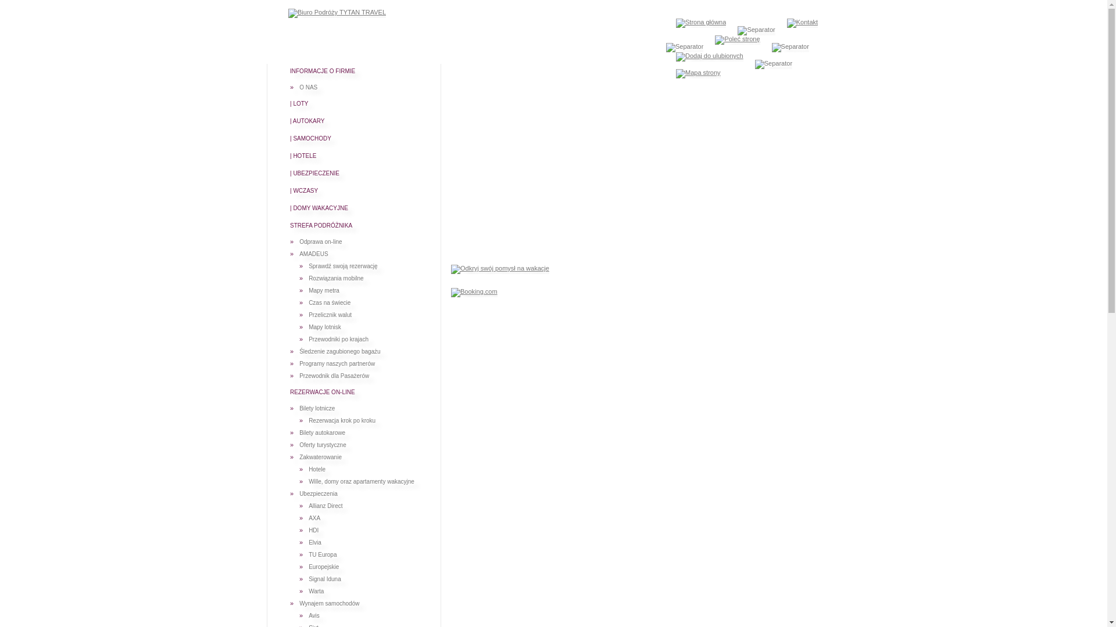 This screenshot has width=1116, height=627. What do you see at coordinates (299, 103) in the screenshot?
I see `'| LOTY'` at bounding box center [299, 103].